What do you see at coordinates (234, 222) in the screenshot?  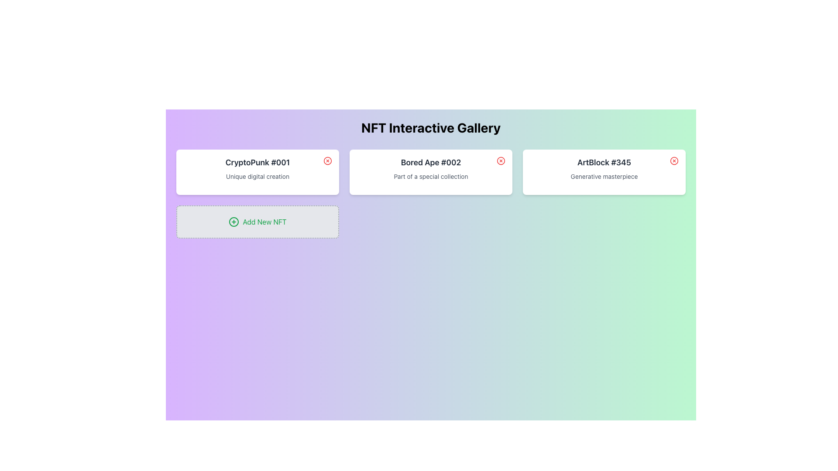 I see `circular outline element that is part of the 'Add New NFT' button located in the lower-left portion of the layout` at bounding box center [234, 222].